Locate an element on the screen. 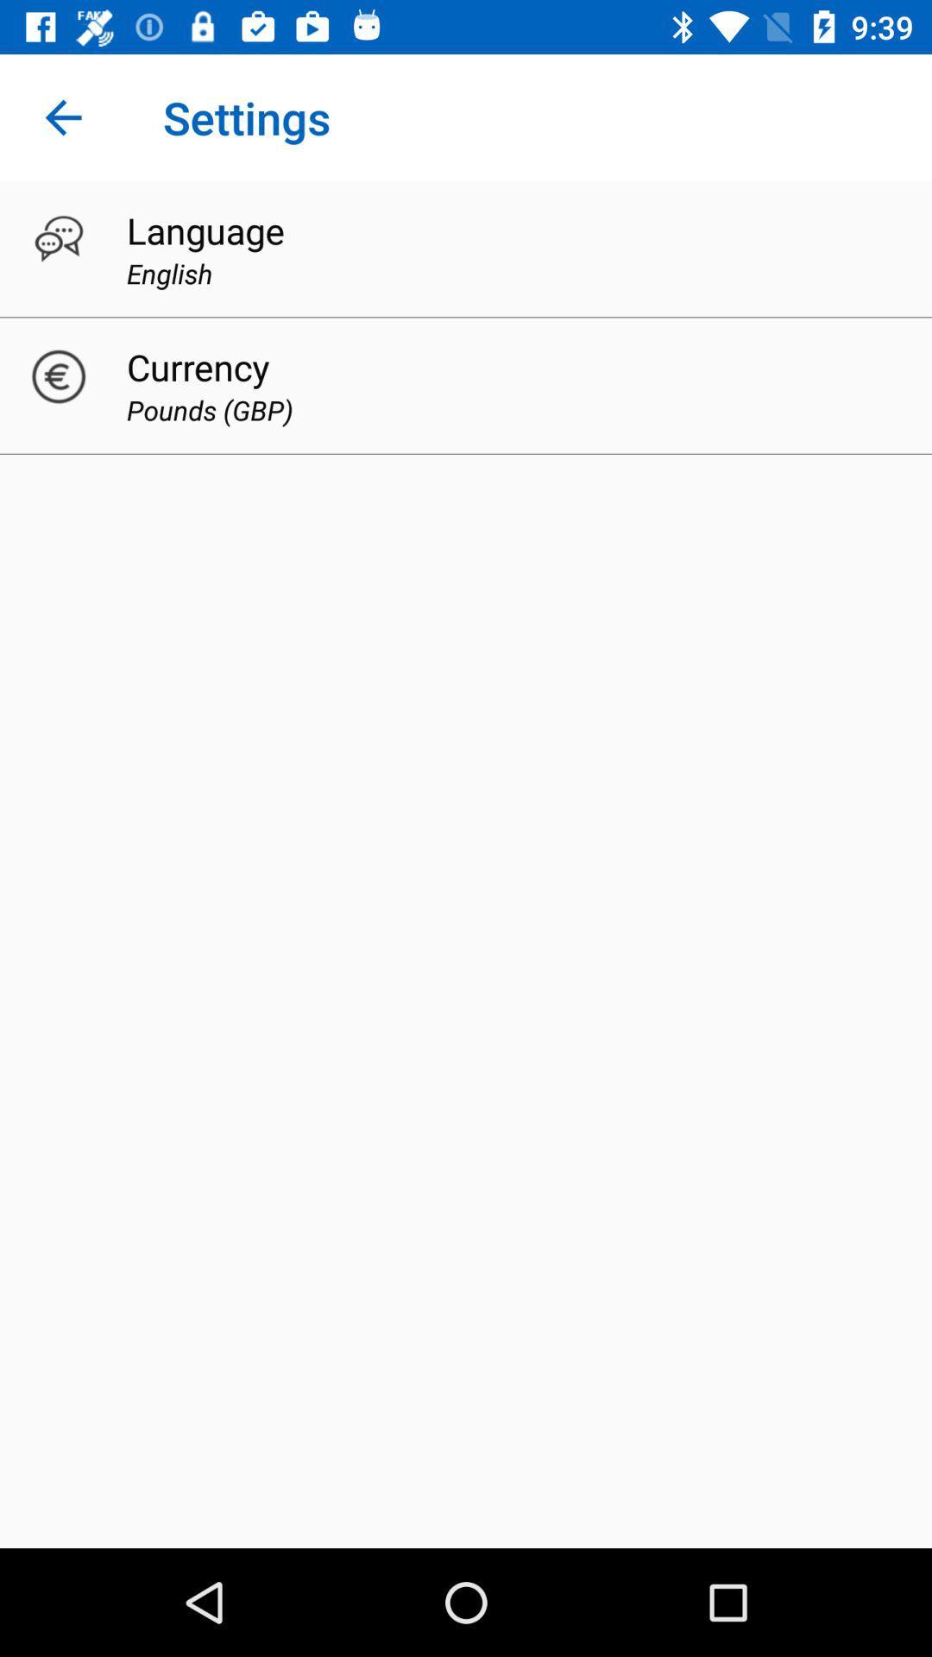 This screenshot has height=1657, width=932. the icon below the language is located at coordinates (169, 272).